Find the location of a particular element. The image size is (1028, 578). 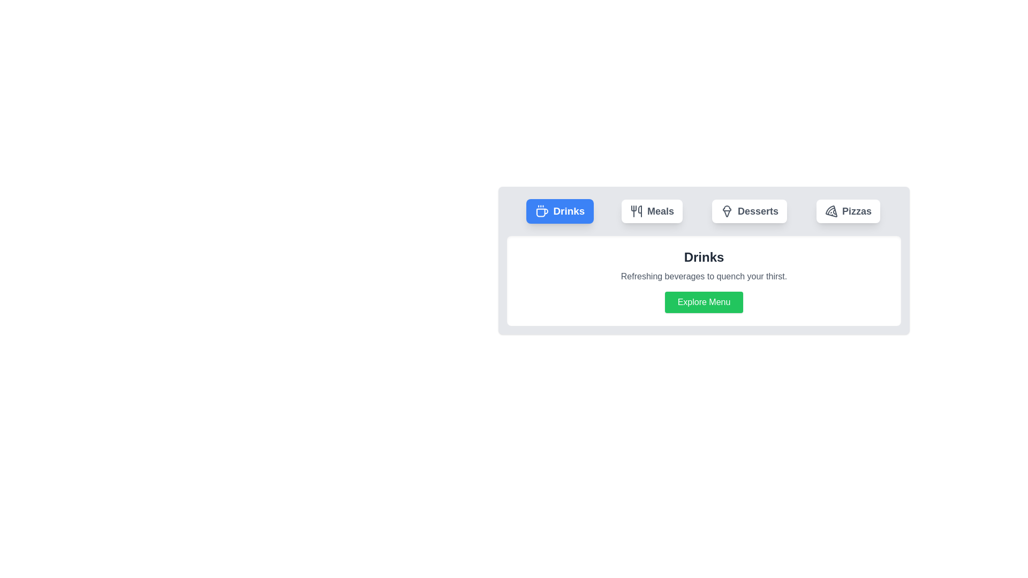

the word 'beverages' in the description text is located at coordinates (704, 276).